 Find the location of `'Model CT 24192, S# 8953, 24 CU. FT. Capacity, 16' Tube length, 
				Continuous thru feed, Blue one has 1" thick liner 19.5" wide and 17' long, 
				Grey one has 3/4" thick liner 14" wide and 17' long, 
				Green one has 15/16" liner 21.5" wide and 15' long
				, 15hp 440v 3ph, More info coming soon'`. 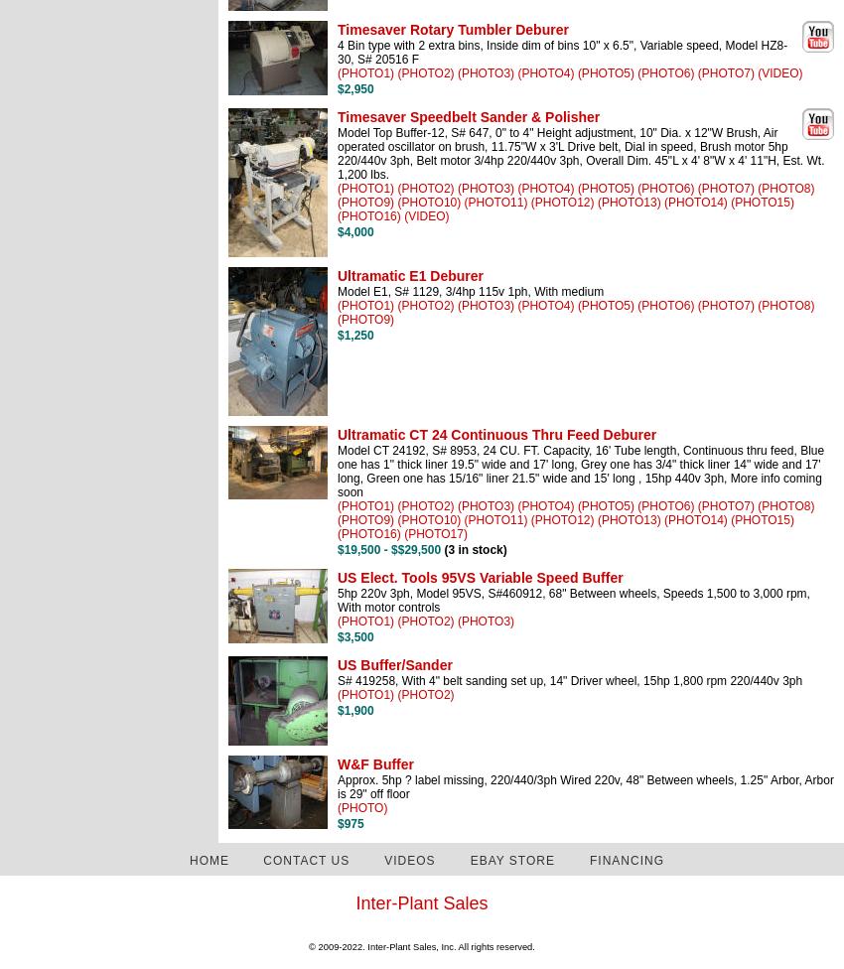

'Model CT 24192, S# 8953, 24 CU. FT. Capacity, 16' Tube length, 
				Continuous thru feed, Blue one has 1" thick liner 19.5" wide and 17' long, 
				Grey one has 3/4" thick liner 14" wide and 17' long, 
				Green one has 15/16" liner 21.5" wide and 15' long
				, 15hp 440v 3ph, More info coming soon' is located at coordinates (580, 471).